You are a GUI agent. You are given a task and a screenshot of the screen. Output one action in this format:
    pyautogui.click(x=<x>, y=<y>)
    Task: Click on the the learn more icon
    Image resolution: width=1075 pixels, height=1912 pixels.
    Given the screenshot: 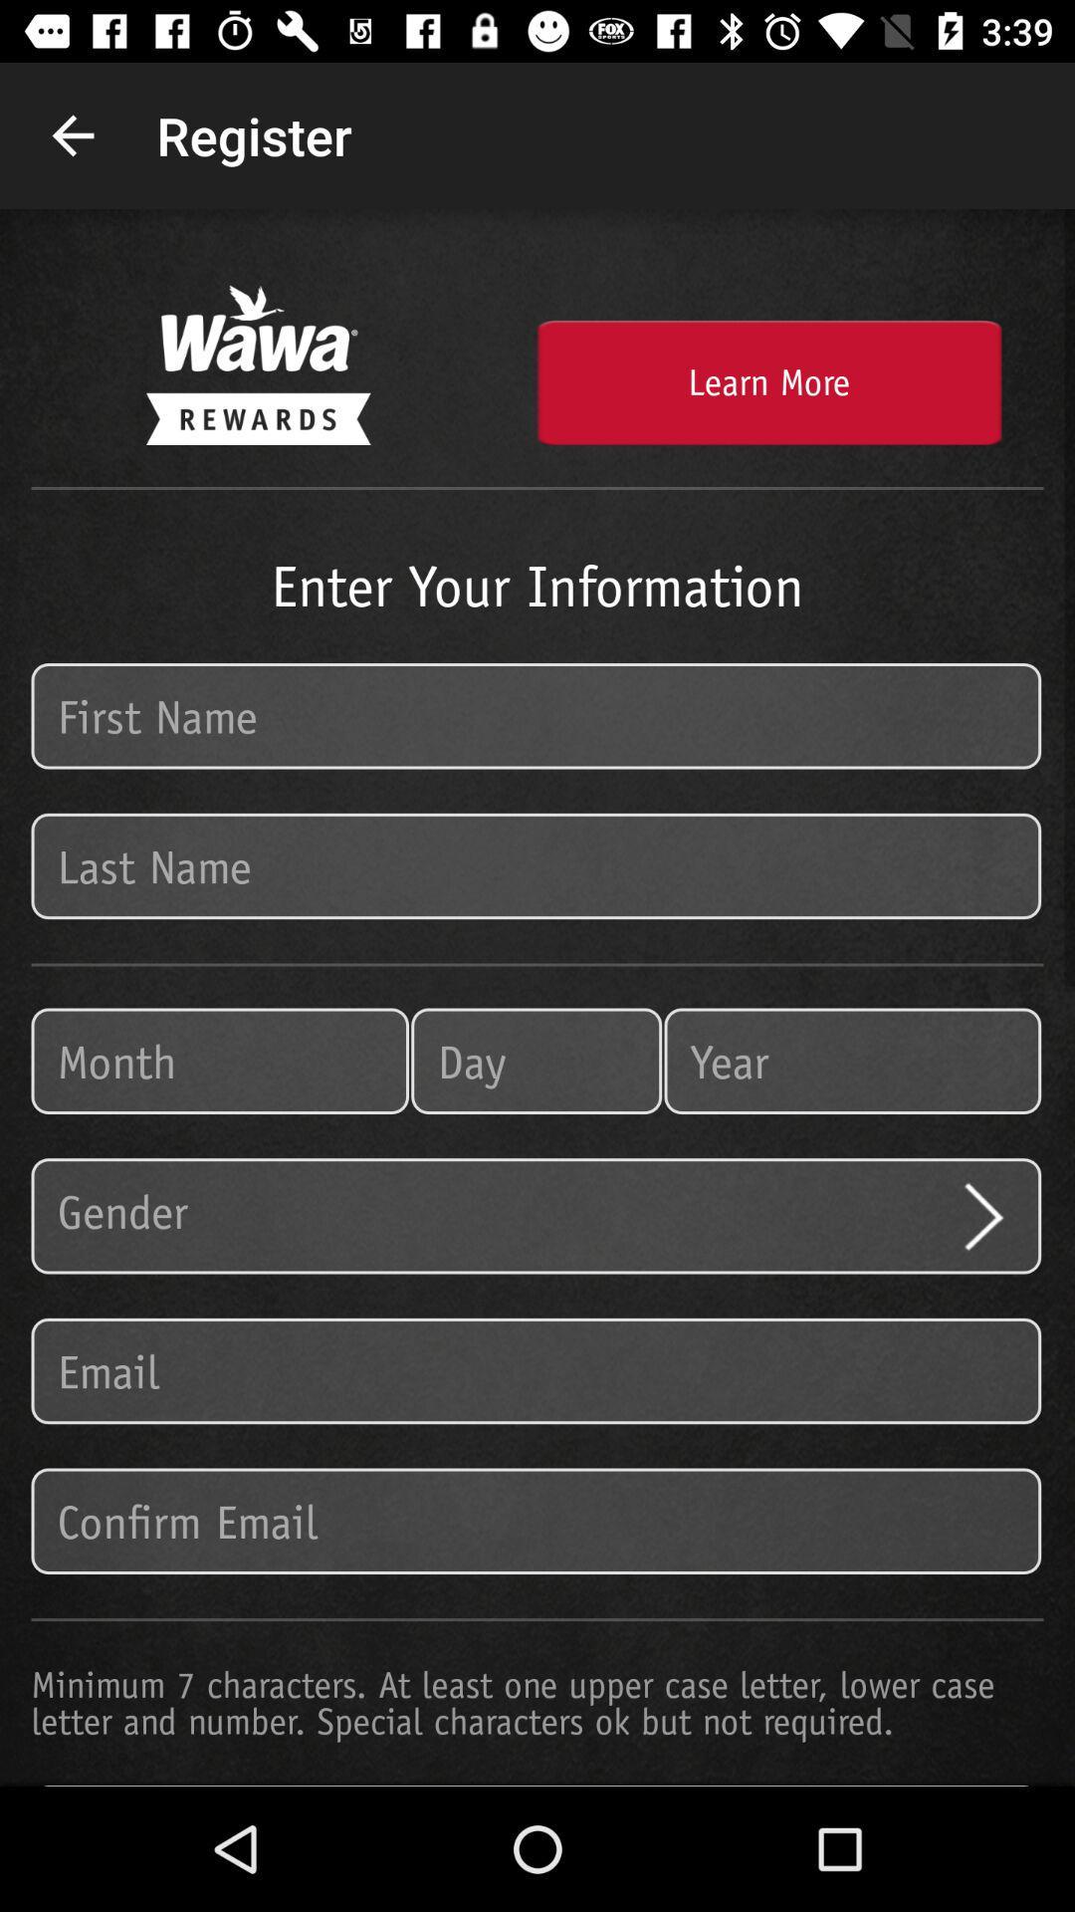 What is the action you would take?
    pyautogui.click(x=767, y=382)
    